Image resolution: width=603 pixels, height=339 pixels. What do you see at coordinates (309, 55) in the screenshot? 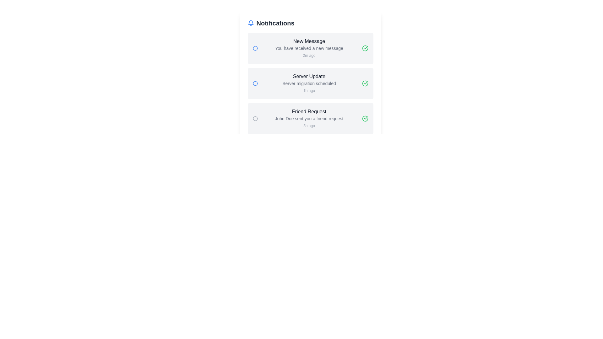
I see `the text label displaying '2m ago' located in the 'New Message' notification card, positioned at the bottom right below the description text` at bounding box center [309, 55].